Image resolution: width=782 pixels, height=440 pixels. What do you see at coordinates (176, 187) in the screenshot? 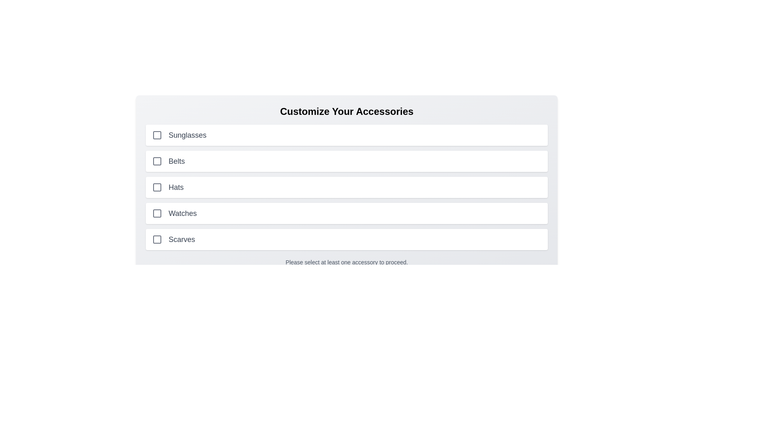
I see `the text label reading 'Hats'` at bounding box center [176, 187].